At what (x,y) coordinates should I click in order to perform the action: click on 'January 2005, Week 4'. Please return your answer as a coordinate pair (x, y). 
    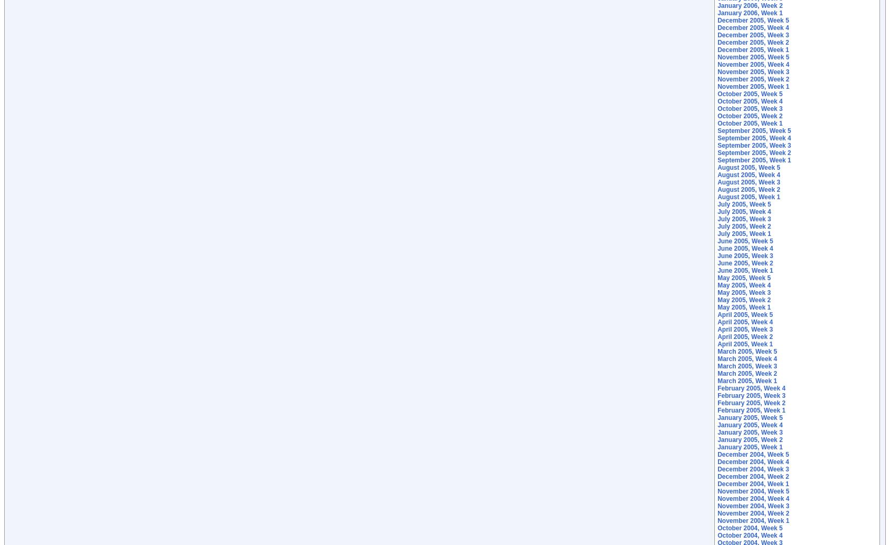
    Looking at the image, I should click on (750, 425).